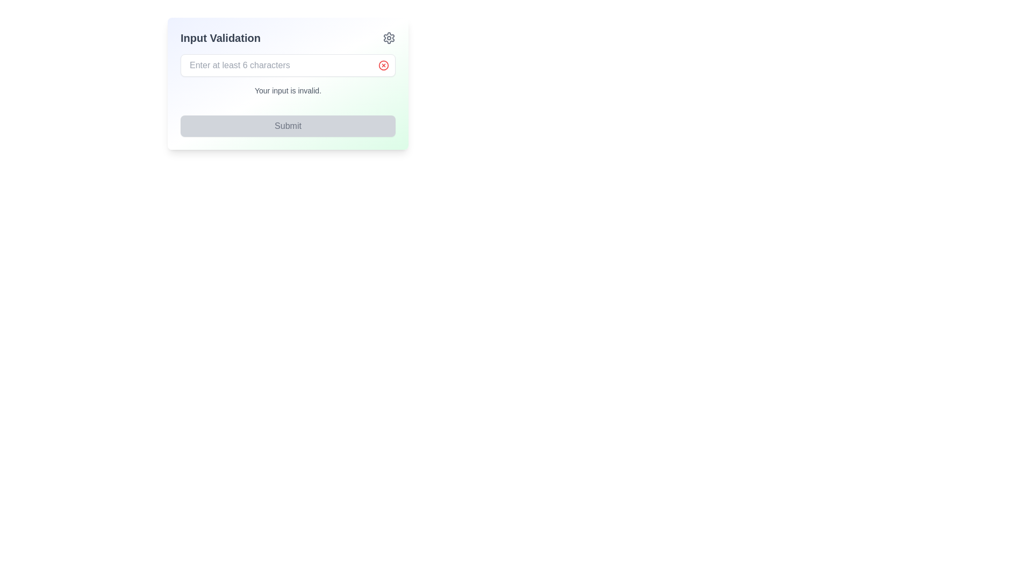 The height and width of the screenshot is (580, 1032). Describe the element at coordinates (384, 66) in the screenshot. I see `the error state indicator icon located at the right end of the input validation form field` at that location.